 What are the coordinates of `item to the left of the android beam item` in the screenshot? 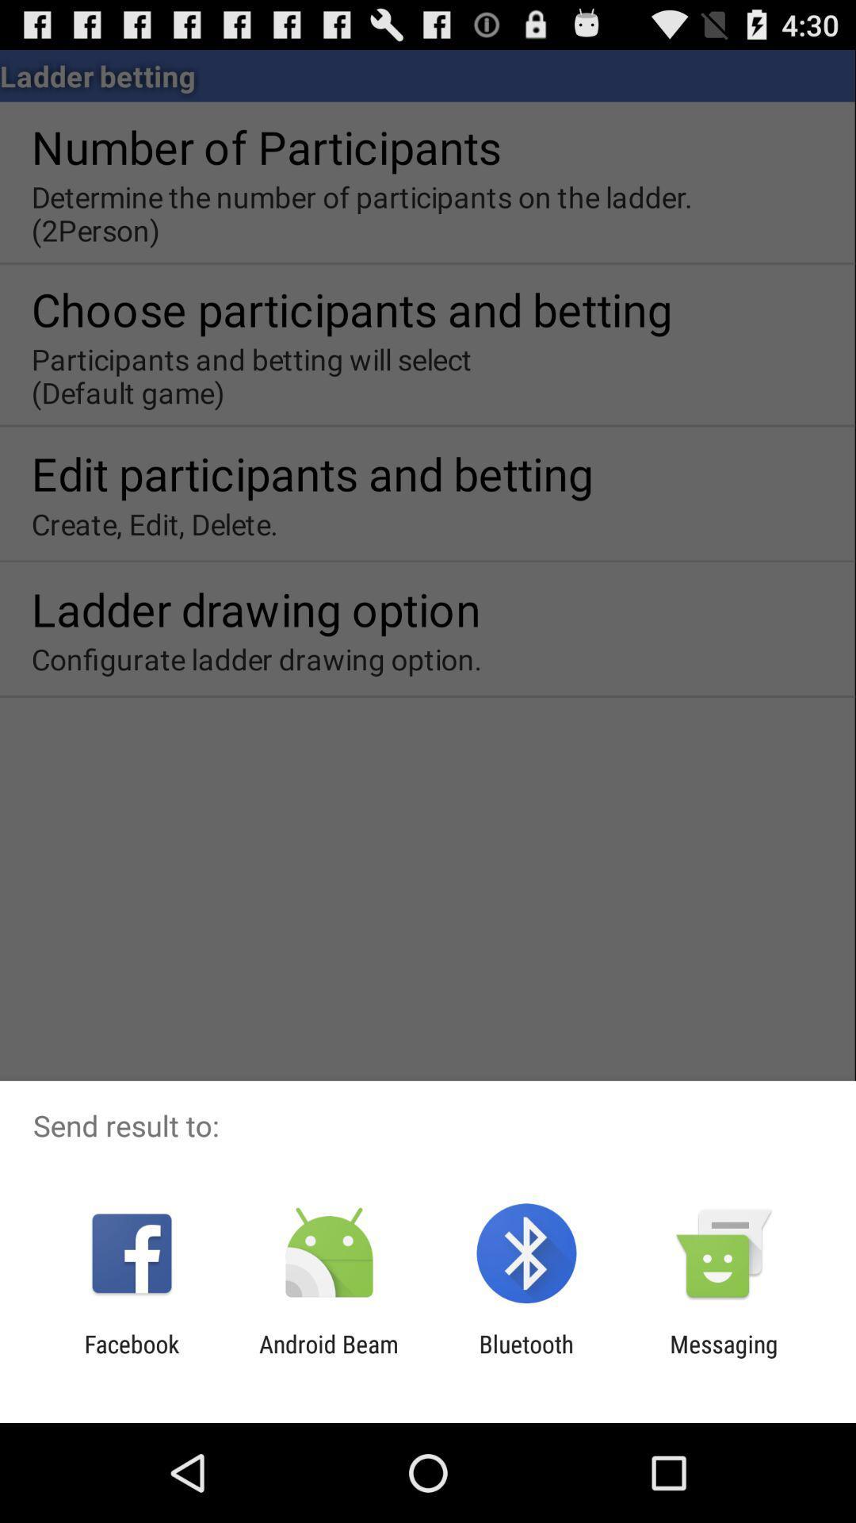 It's located at (131, 1357).